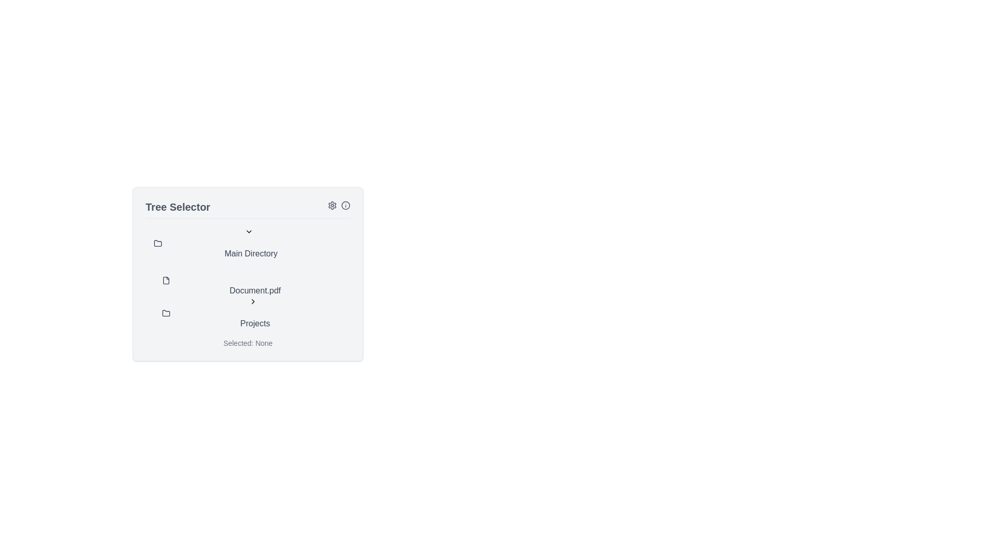  I want to click on the arrow icon button, so click(253, 301).